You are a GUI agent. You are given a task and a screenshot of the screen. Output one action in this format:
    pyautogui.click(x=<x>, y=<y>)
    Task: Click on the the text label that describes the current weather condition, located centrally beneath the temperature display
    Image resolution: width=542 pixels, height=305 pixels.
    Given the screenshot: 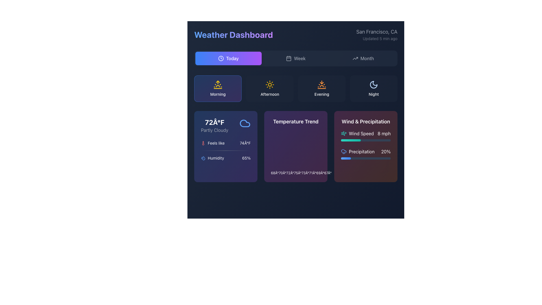 What is the action you would take?
    pyautogui.click(x=214, y=130)
    